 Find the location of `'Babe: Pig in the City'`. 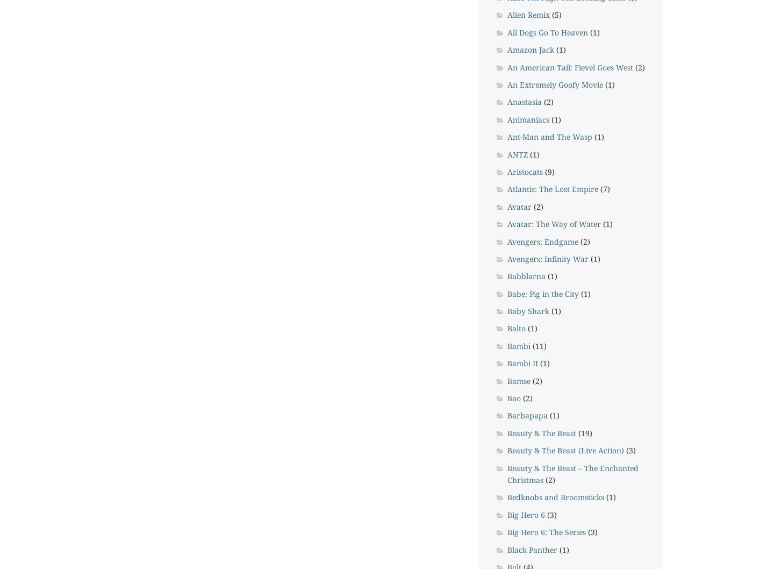

'Babe: Pig in the City' is located at coordinates (542, 293).